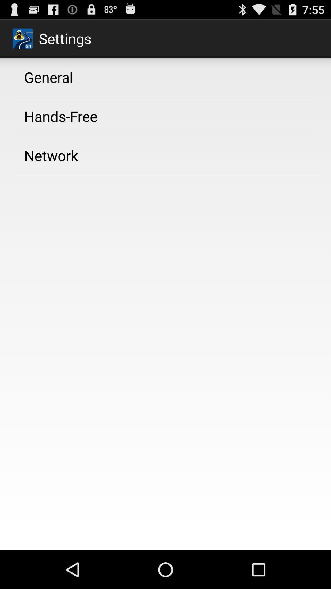 This screenshot has height=589, width=331. I want to click on the hands-free, so click(61, 116).